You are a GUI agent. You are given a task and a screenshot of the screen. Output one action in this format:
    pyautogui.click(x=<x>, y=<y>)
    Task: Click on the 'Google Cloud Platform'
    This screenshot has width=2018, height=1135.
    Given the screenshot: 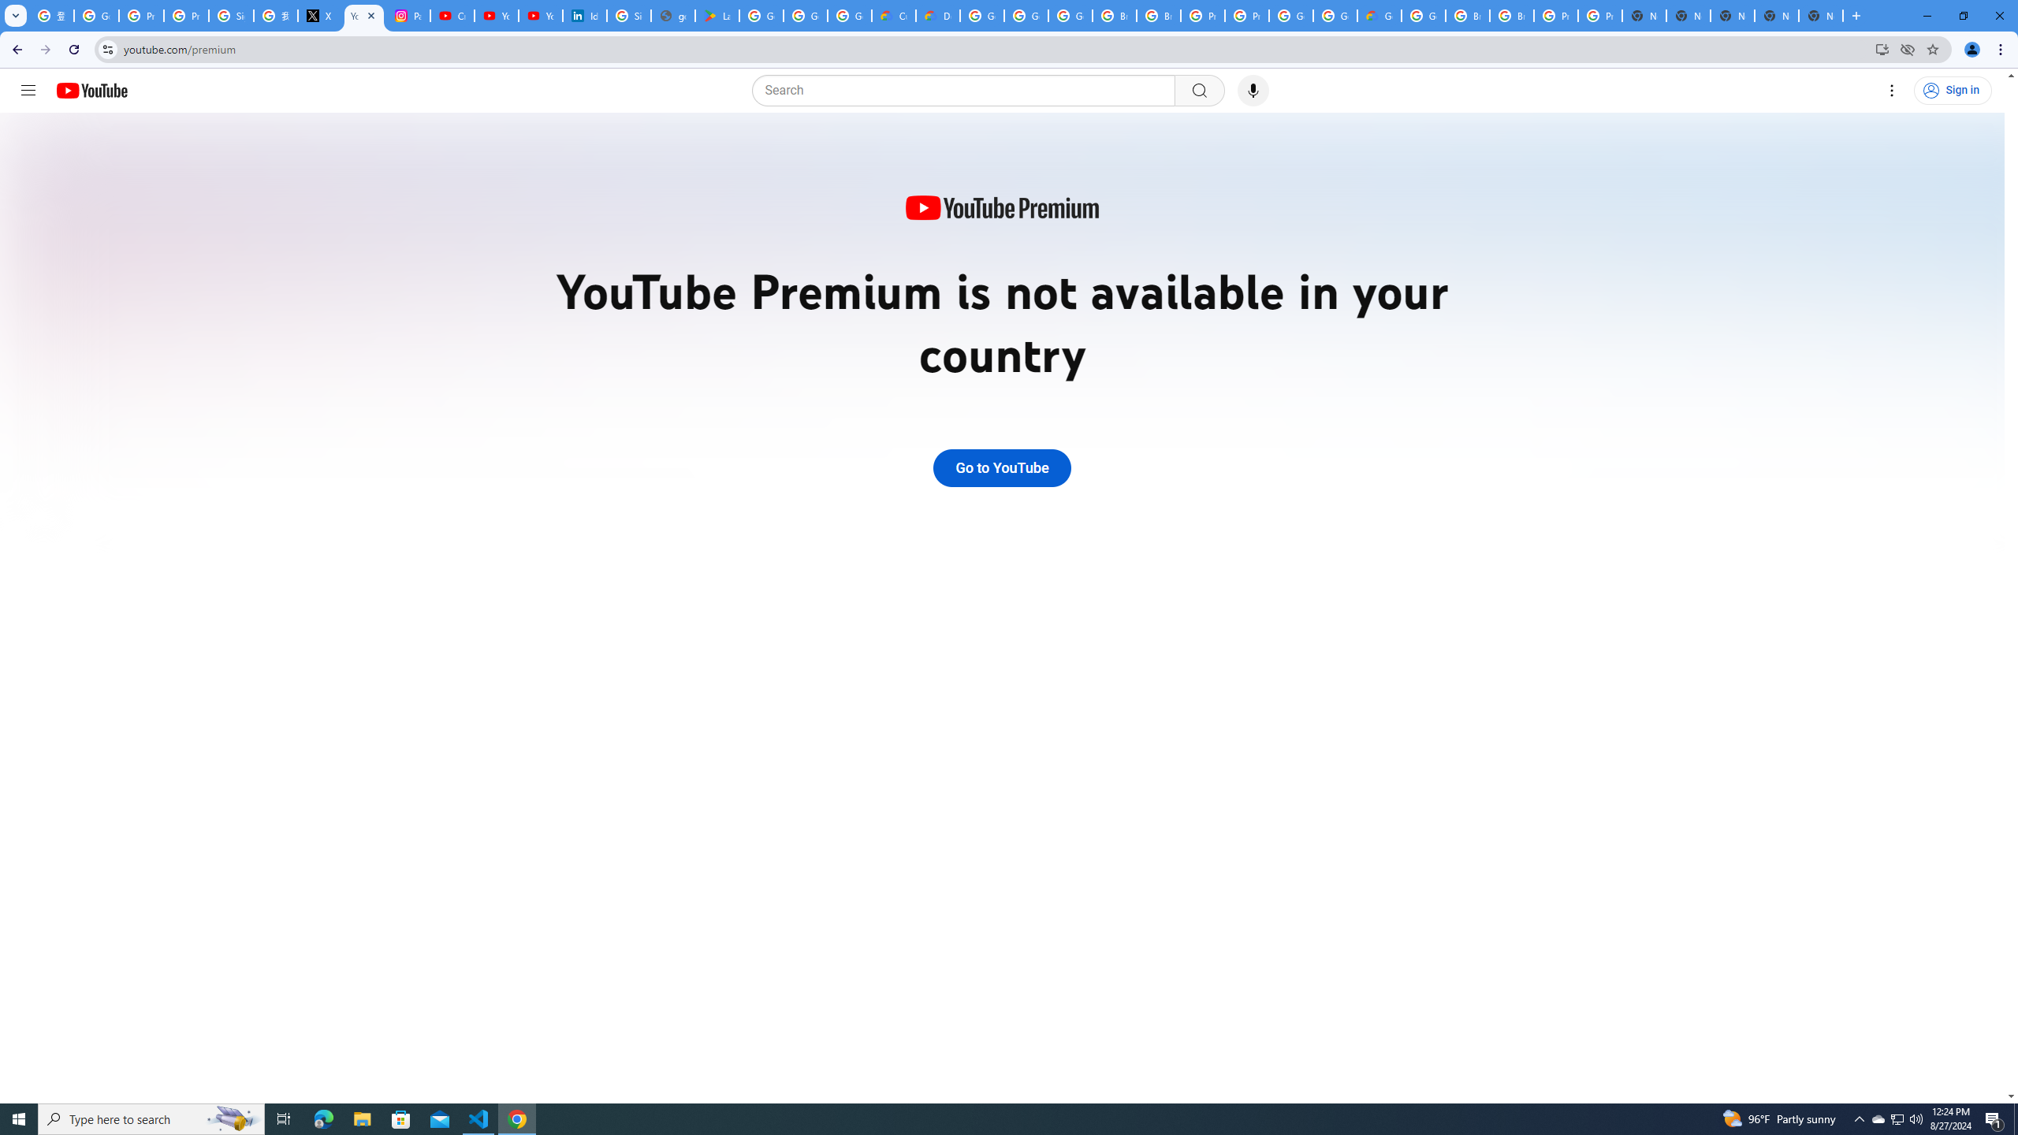 What is the action you would take?
    pyautogui.click(x=1334, y=15)
    